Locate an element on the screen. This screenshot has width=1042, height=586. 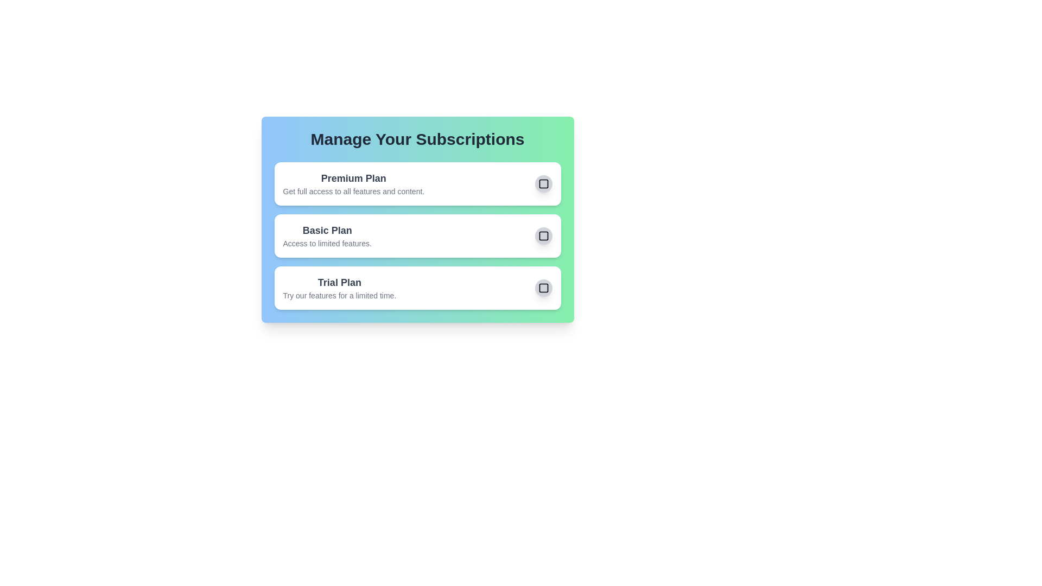
the Text label that provides additional information about the 'Trial Plan' subscription option, located centrally below the title 'Trial Plan' is located at coordinates (339, 295).